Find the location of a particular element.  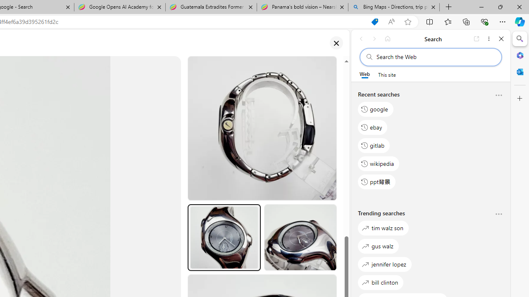

'tim walz son' is located at coordinates (383, 228).